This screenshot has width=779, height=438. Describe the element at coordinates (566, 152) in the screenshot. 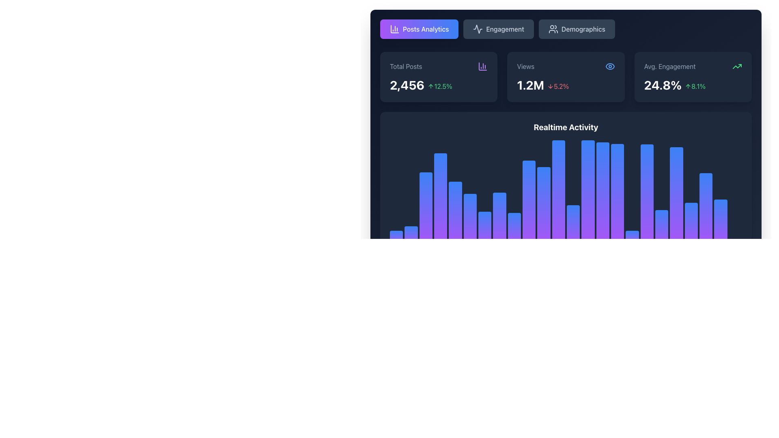

I see `a data point in the Data Visualization block displaying analytics data for total posts, views, and average engagements` at that location.